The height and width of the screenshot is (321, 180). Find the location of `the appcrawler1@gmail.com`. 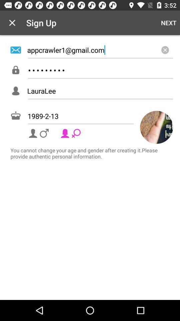

the appcrawler1@gmail.com is located at coordinates (100, 49).